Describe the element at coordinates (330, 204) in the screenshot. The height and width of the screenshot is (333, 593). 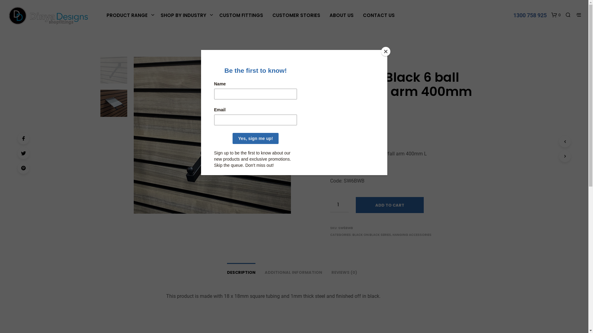
I see `'Qty'` at that location.